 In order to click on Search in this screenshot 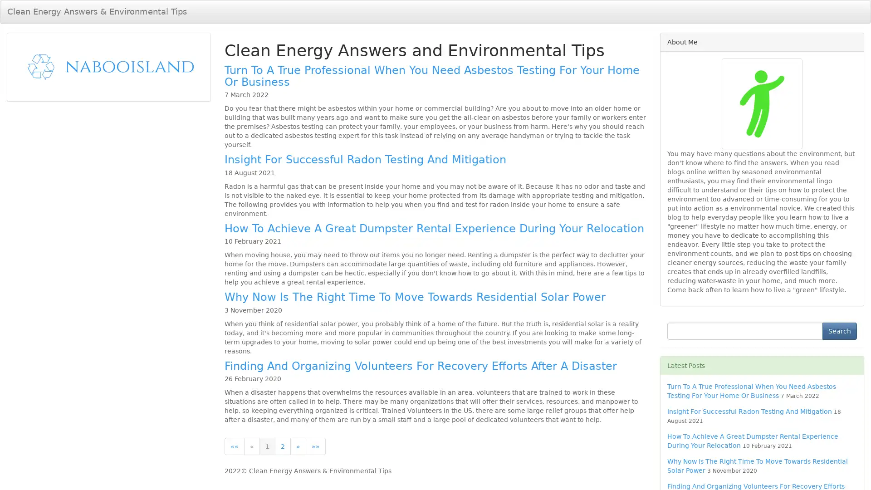, I will do `click(839, 331)`.